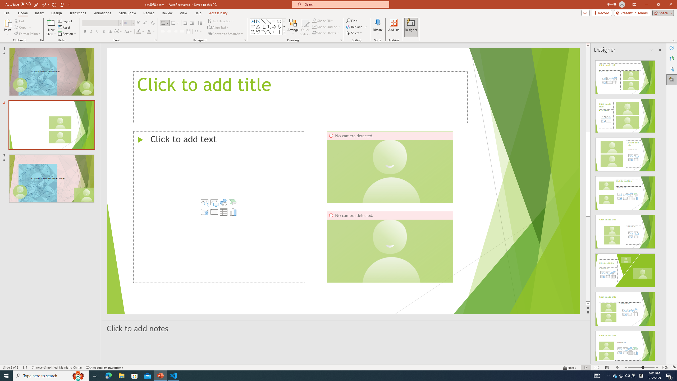  I want to click on 'Oval', so click(279, 21).